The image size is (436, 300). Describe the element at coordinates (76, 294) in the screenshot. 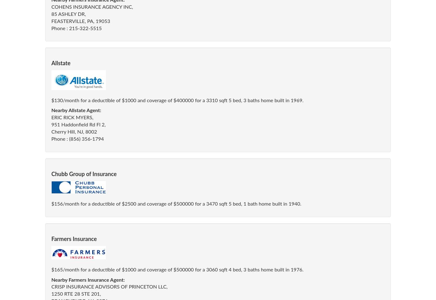

I see `'1250 RTE 28 STE 201,'` at that location.